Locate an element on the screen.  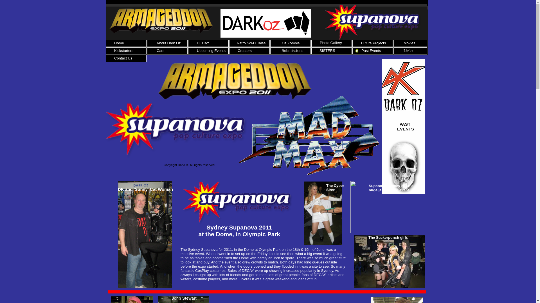
'Past Events' is located at coordinates (371, 50).